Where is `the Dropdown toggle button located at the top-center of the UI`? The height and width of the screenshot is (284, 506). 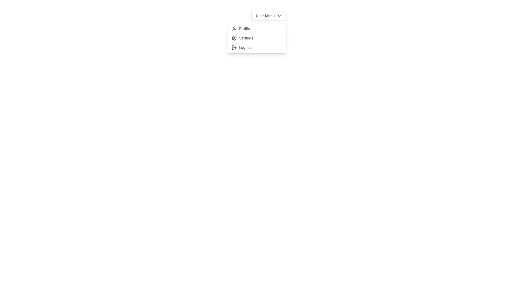
the Dropdown toggle button located at the top-center of the UI is located at coordinates (269, 16).